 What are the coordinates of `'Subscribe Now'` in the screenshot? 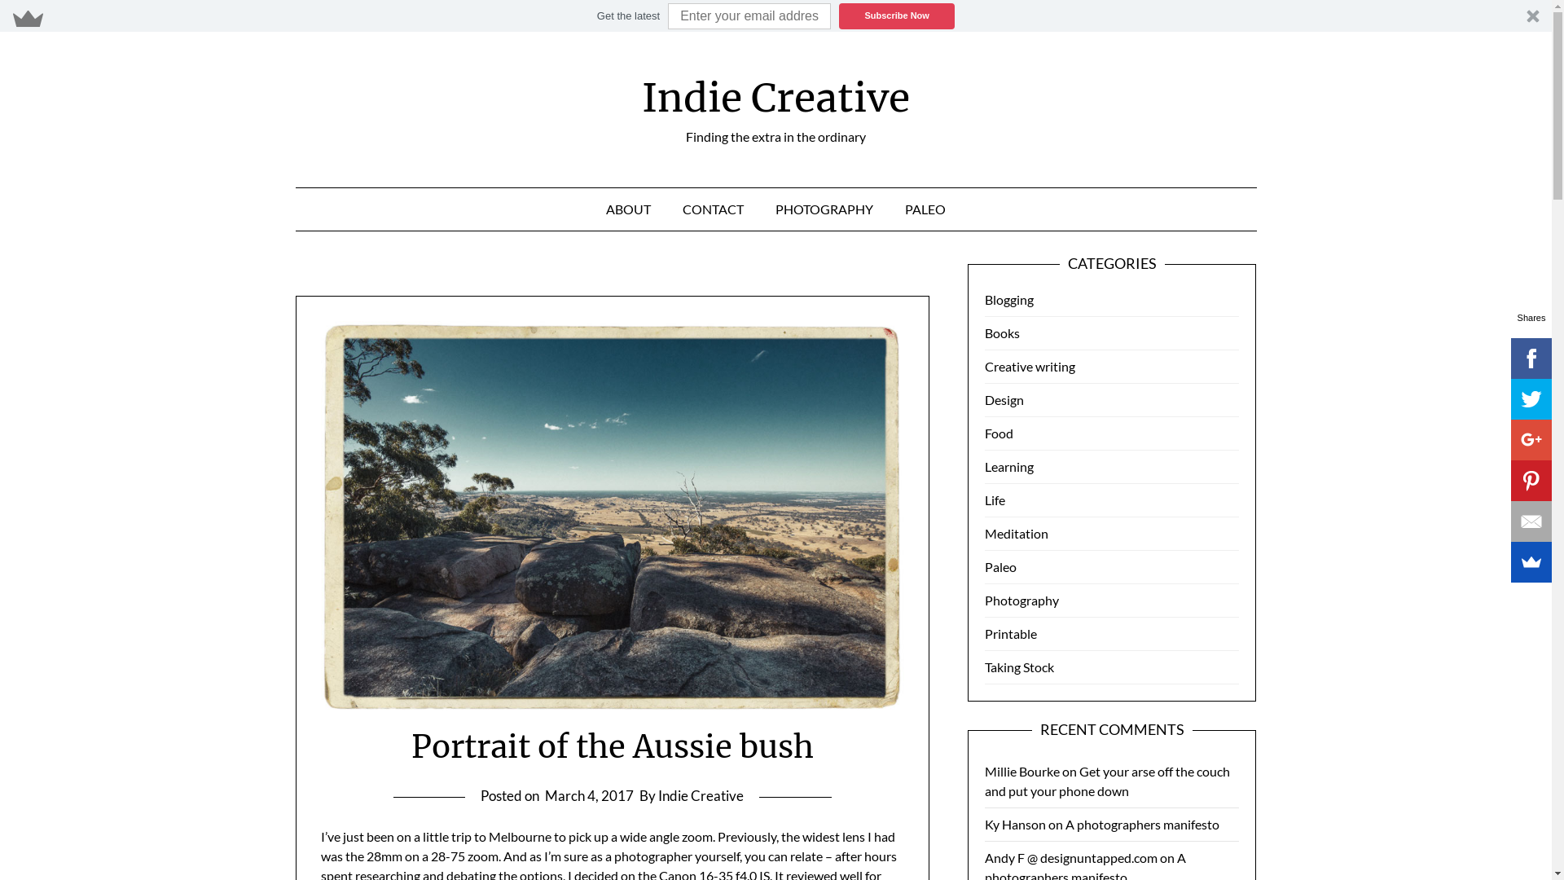 It's located at (895, 15).